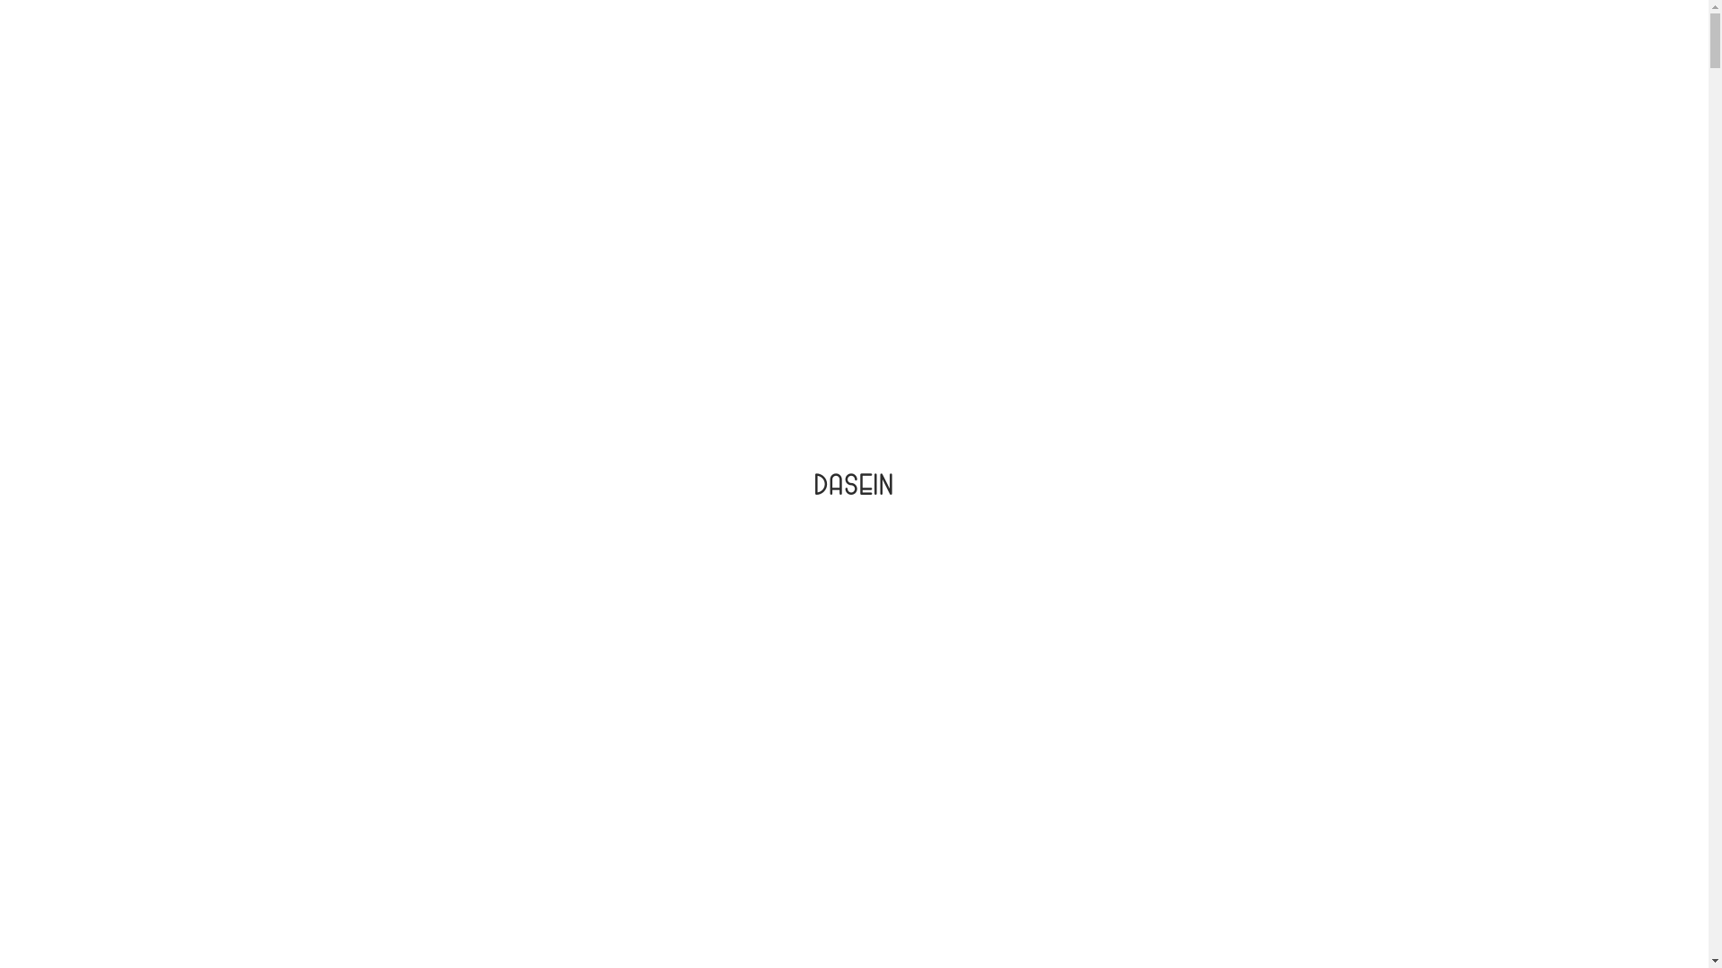  I want to click on 'PRODUCTS', so click(835, 65).